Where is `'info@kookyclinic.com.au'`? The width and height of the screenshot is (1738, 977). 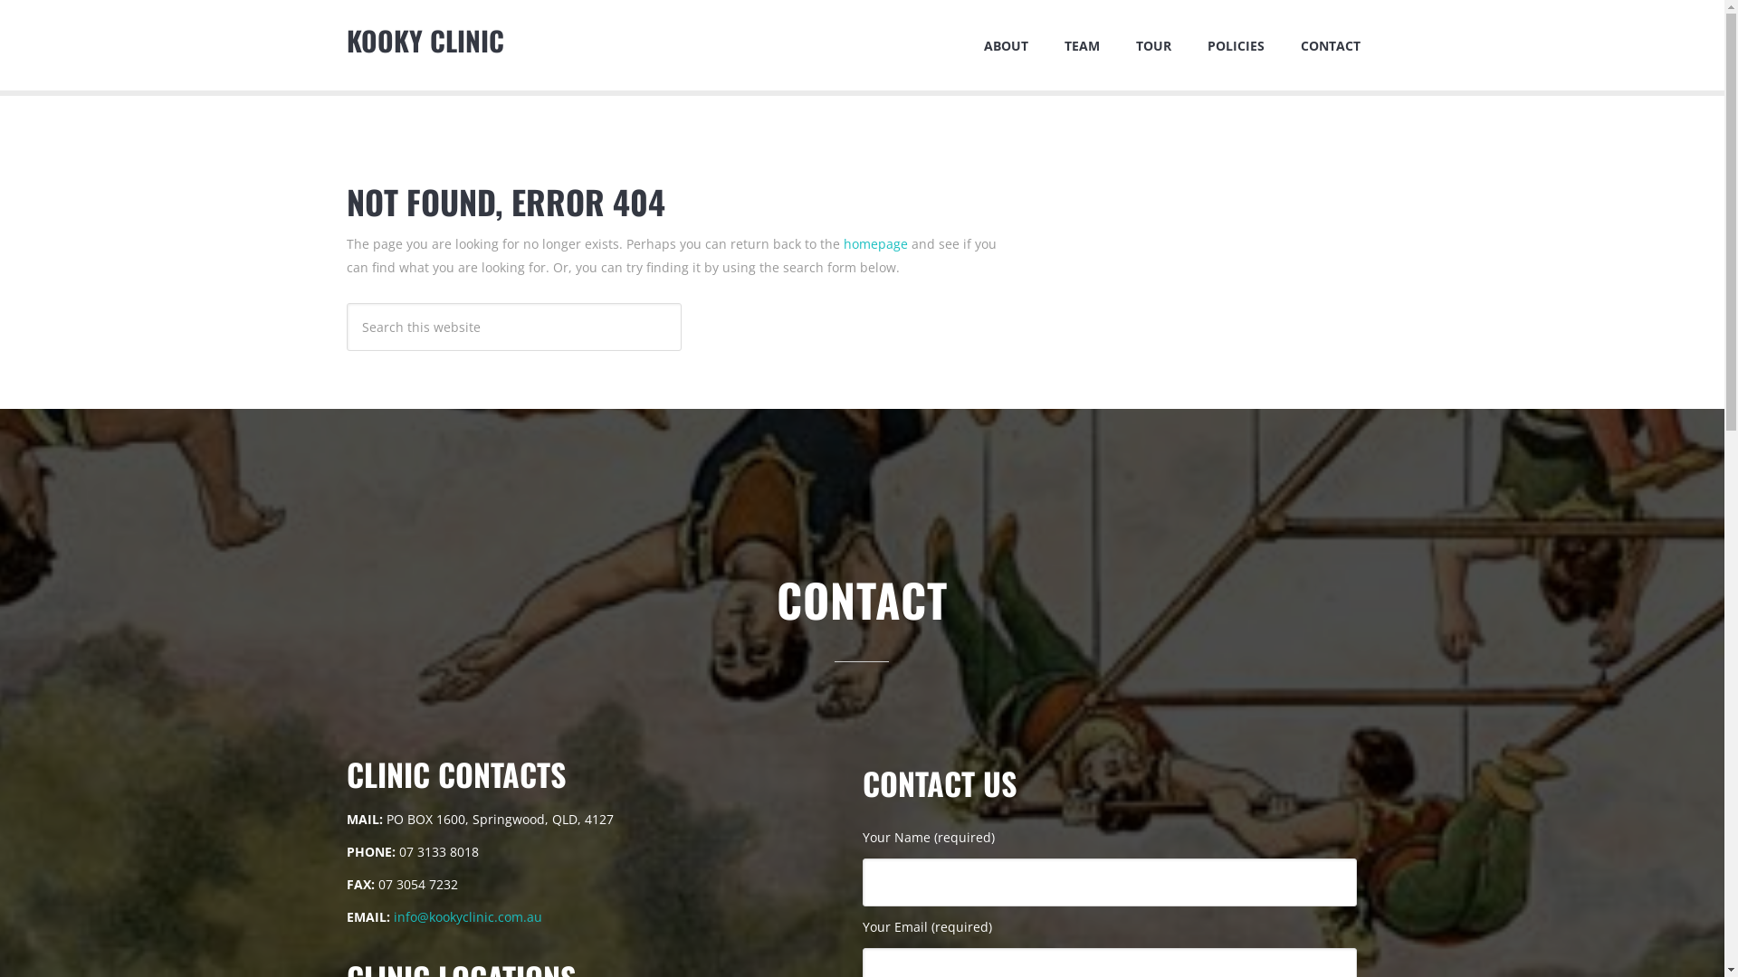 'info@kookyclinic.com.au' is located at coordinates (466, 916).